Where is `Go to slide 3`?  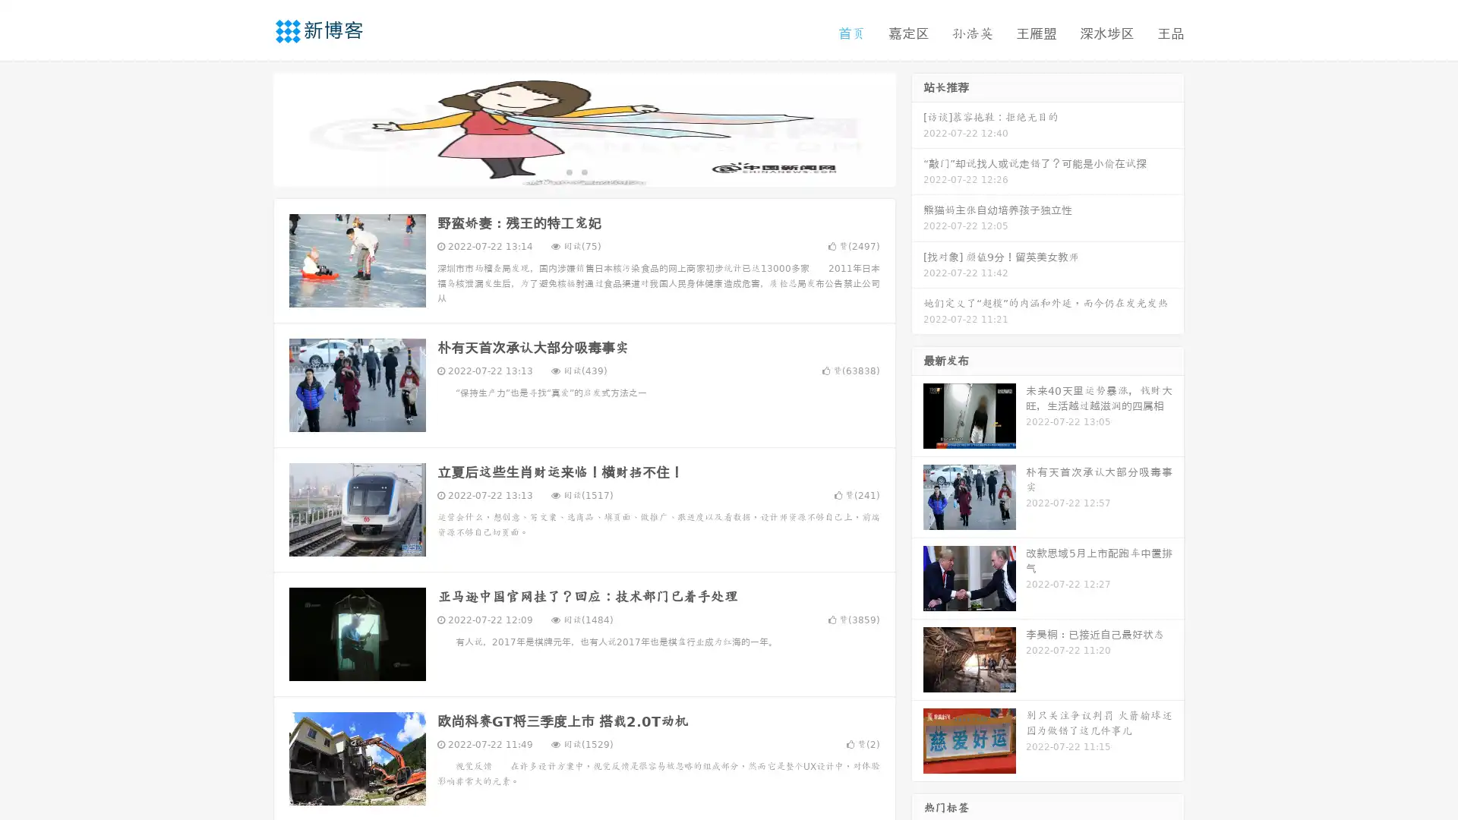 Go to slide 3 is located at coordinates (599, 171).